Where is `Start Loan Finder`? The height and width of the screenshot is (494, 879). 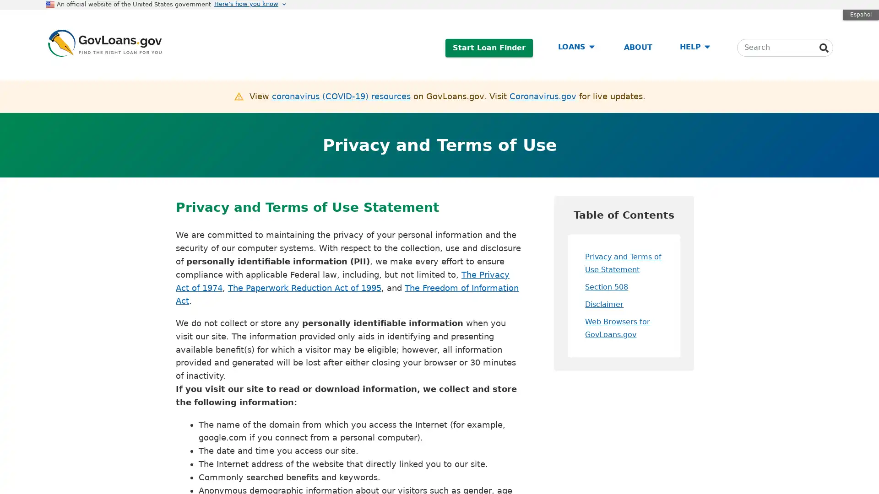
Start Loan Finder is located at coordinates (488, 48).